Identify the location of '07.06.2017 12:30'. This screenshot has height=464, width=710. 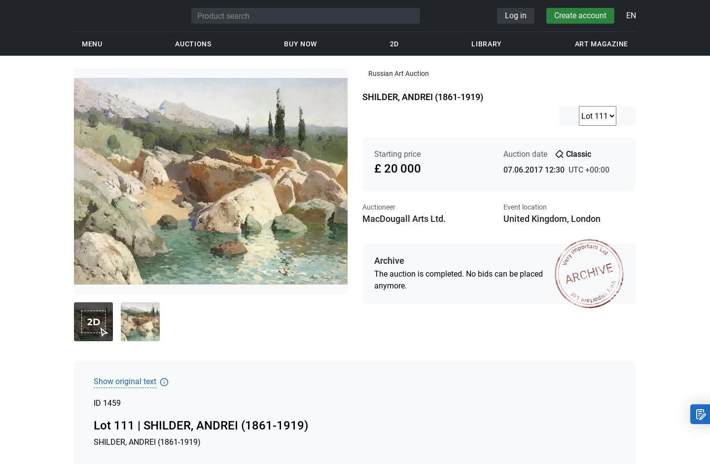
(533, 169).